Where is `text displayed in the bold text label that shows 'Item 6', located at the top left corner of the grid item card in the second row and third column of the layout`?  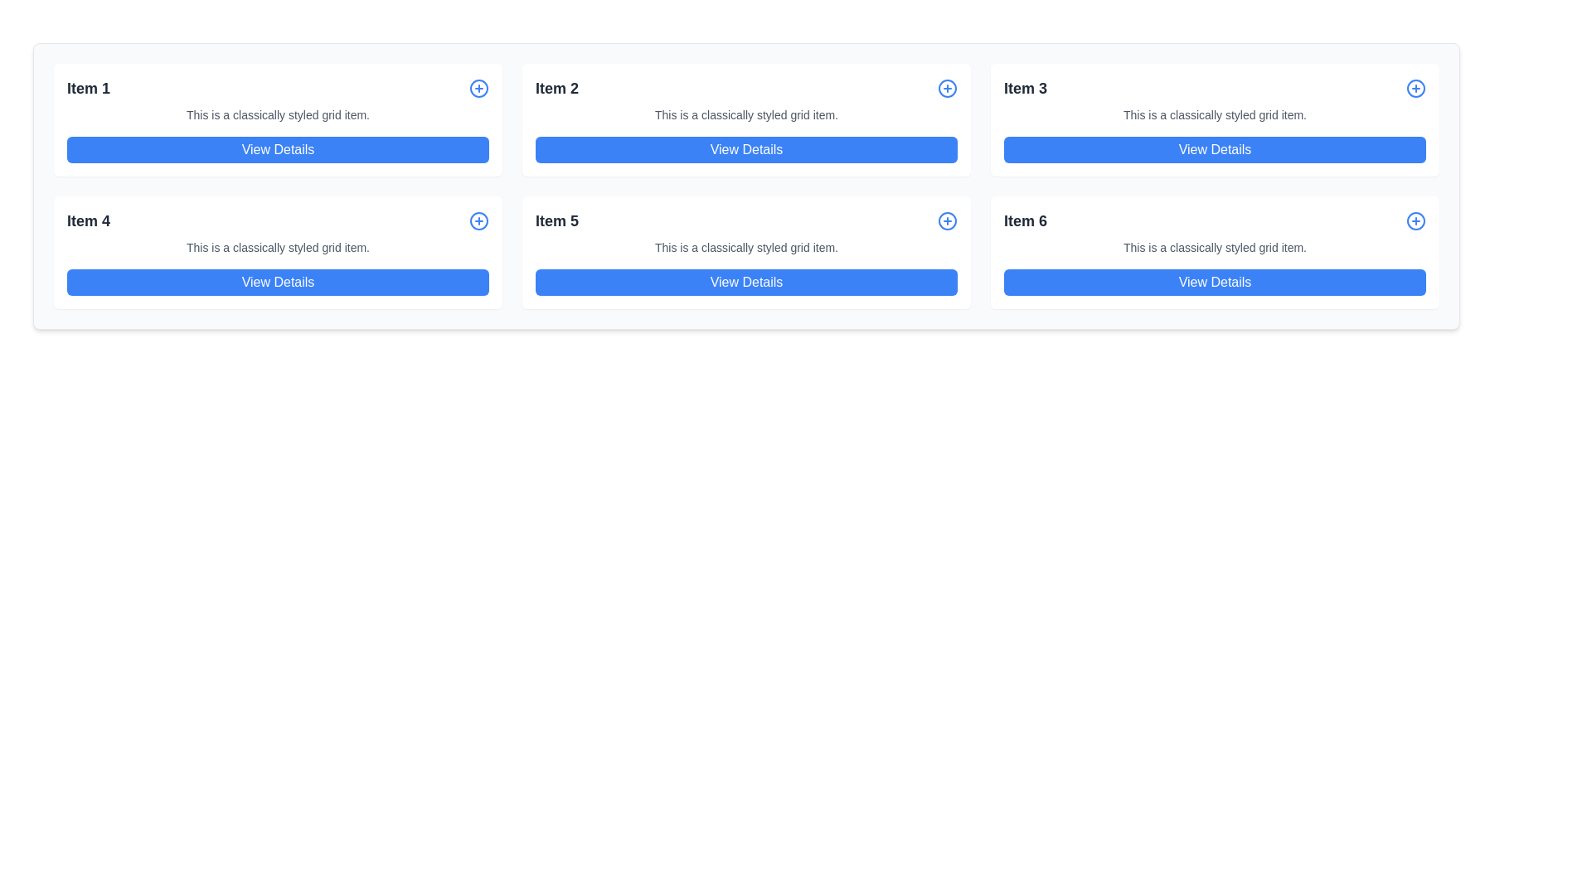
text displayed in the bold text label that shows 'Item 6', located at the top left corner of the grid item card in the second row and third column of the layout is located at coordinates (1025, 220).